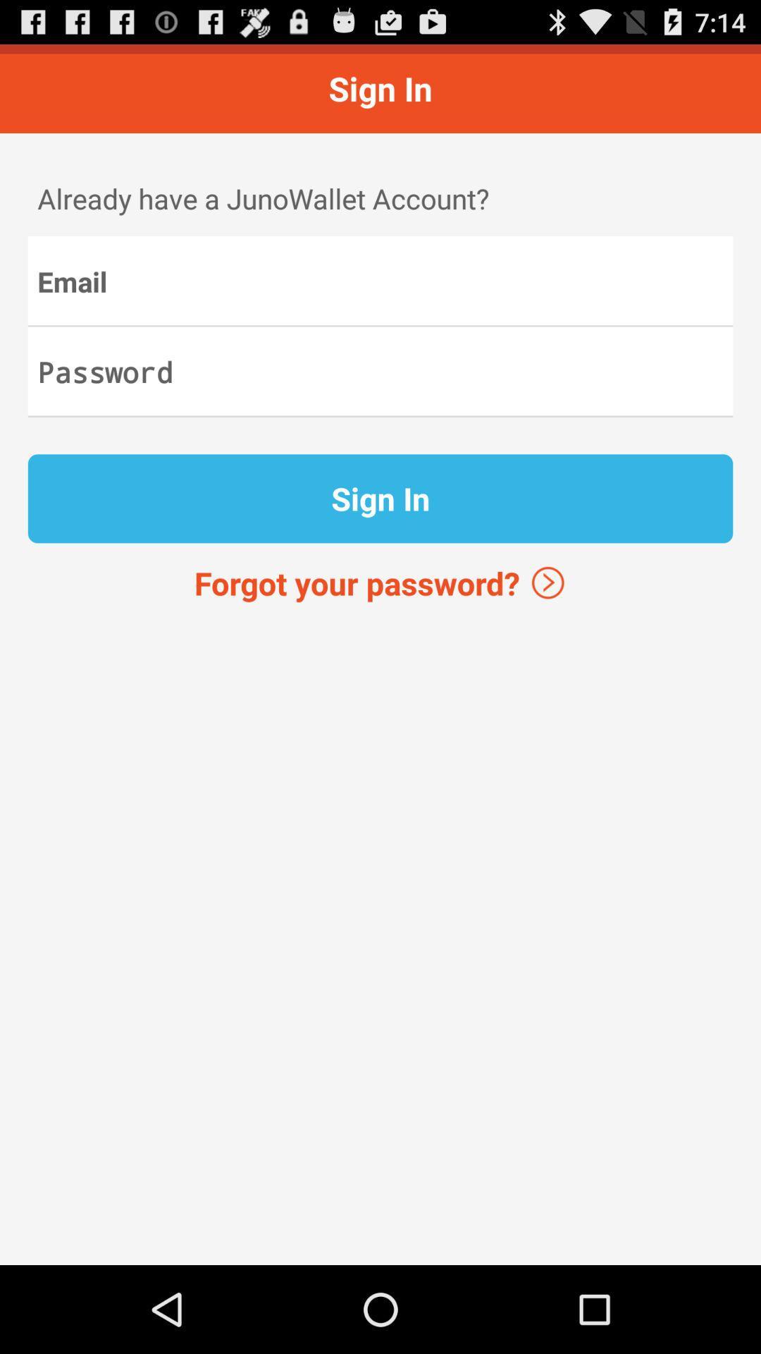  What do you see at coordinates (380, 583) in the screenshot?
I see `forgot your password? app` at bounding box center [380, 583].